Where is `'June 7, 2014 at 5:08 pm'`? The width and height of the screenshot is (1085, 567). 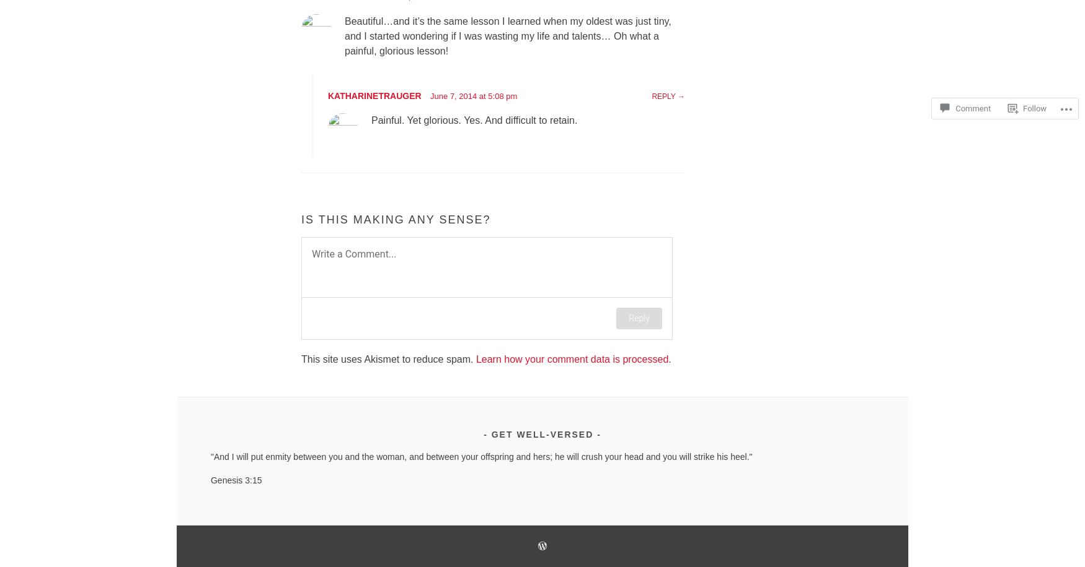 'June 7, 2014 at 5:08 pm' is located at coordinates (430, 96).